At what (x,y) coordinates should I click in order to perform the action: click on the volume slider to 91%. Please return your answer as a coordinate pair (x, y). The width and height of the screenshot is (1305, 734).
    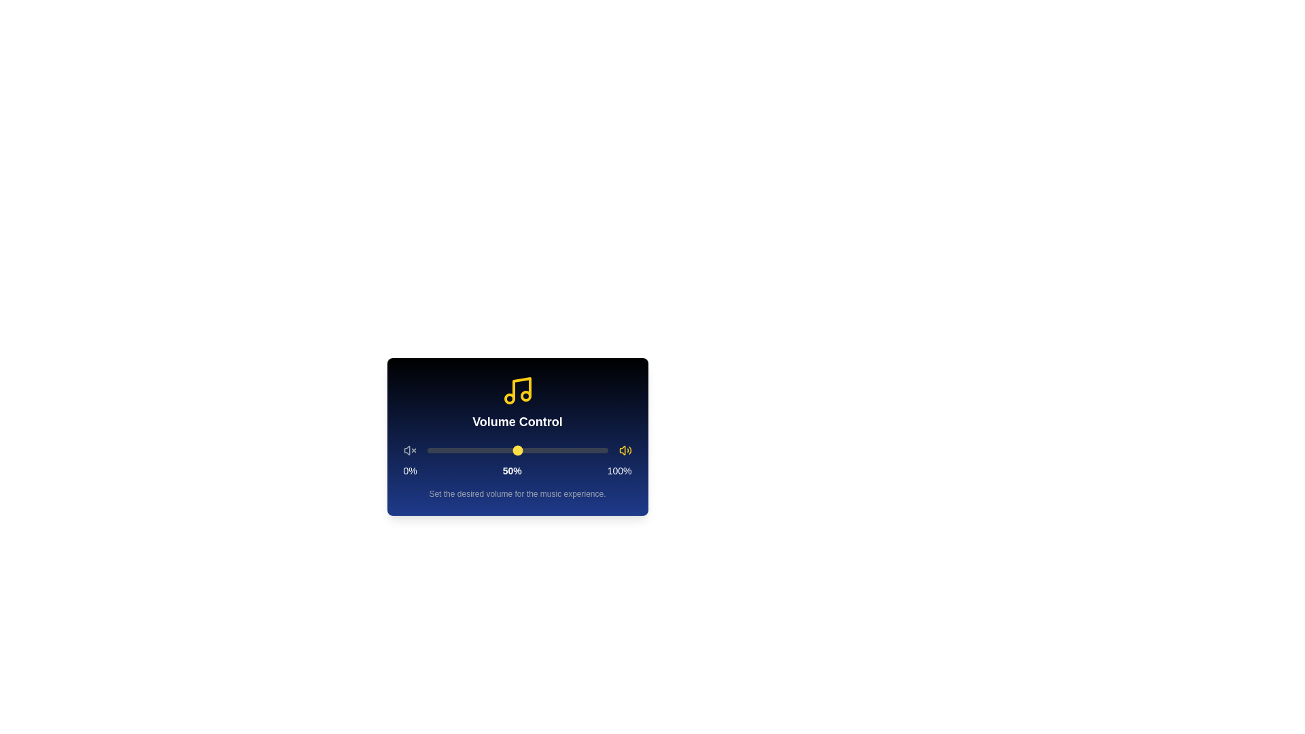
    Looking at the image, I should click on (591, 451).